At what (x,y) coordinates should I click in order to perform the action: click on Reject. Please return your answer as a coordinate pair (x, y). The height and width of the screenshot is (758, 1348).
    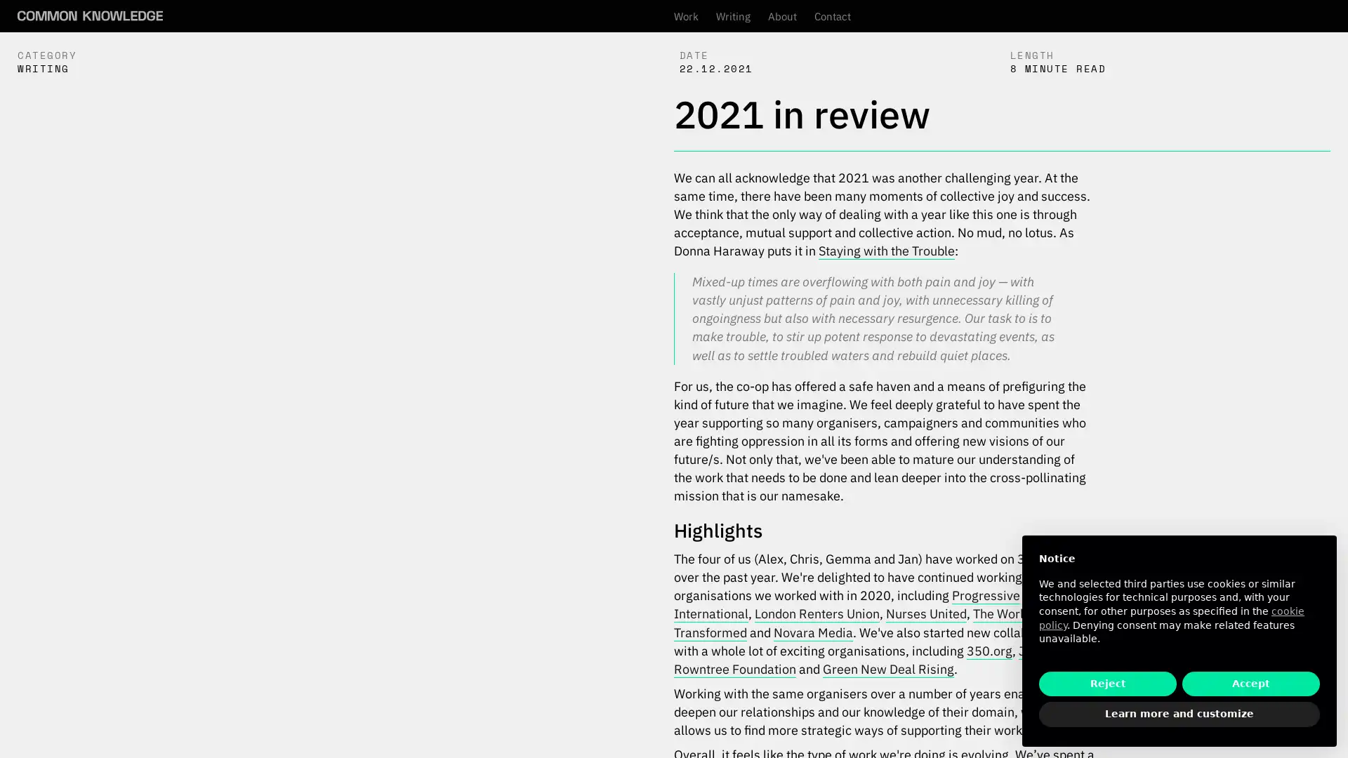
    Looking at the image, I should click on (1107, 683).